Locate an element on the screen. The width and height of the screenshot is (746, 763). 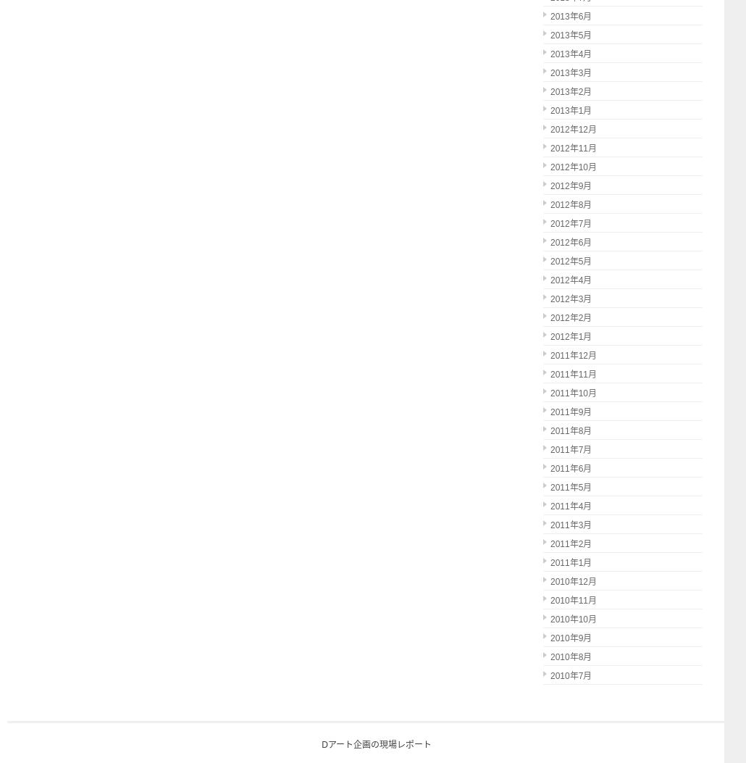
'2012年6月' is located at coordinates (570, 242).